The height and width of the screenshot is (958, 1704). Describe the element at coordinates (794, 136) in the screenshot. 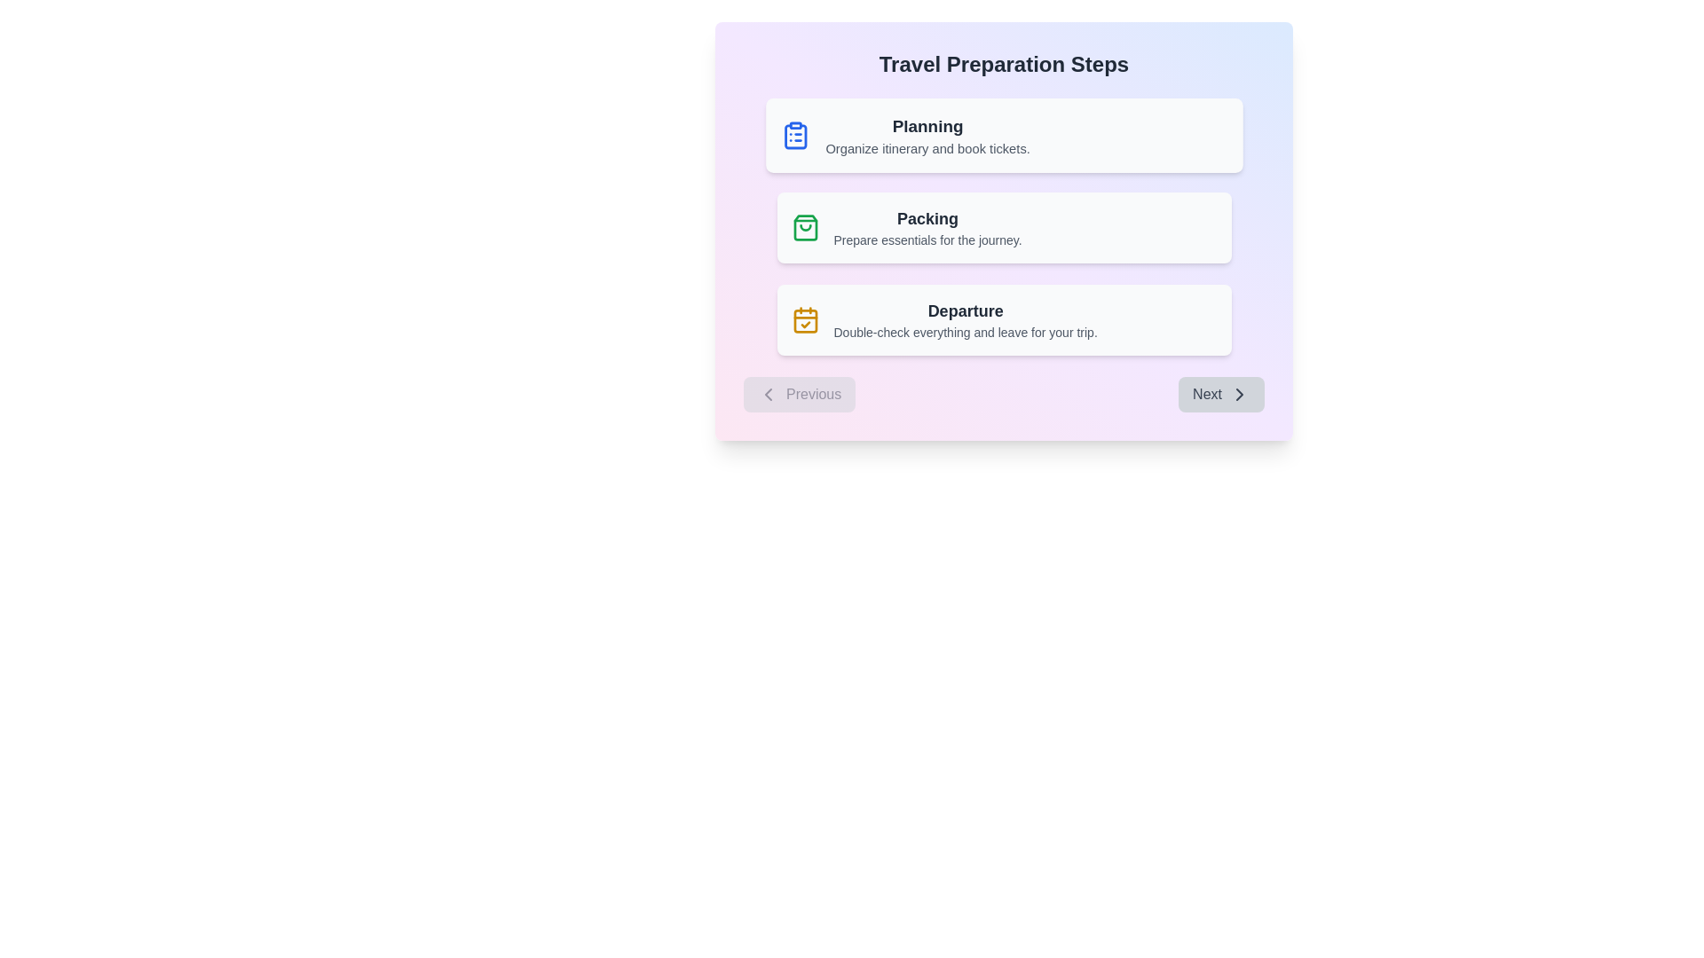

I see `the clipboard icon, which is a navy blue outlined vector icon with a rectangular body and a clip at the top center, located within the 'Planning' button's icon area` at that location.